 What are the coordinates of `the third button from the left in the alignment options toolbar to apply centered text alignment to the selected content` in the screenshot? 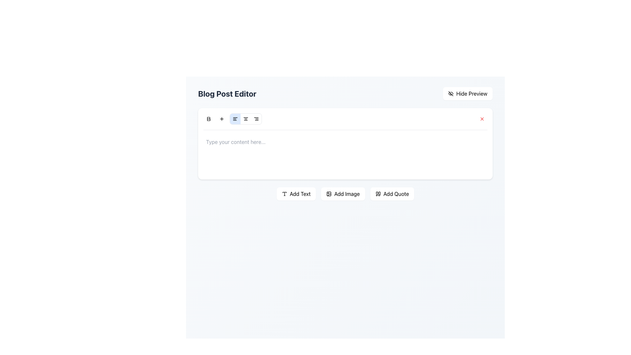 It's located at (245, 119).